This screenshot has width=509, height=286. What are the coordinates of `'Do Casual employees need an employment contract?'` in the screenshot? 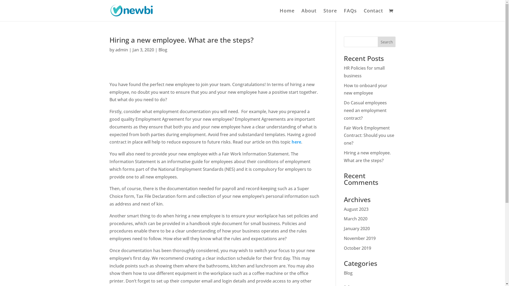 It's located at (365, 110).